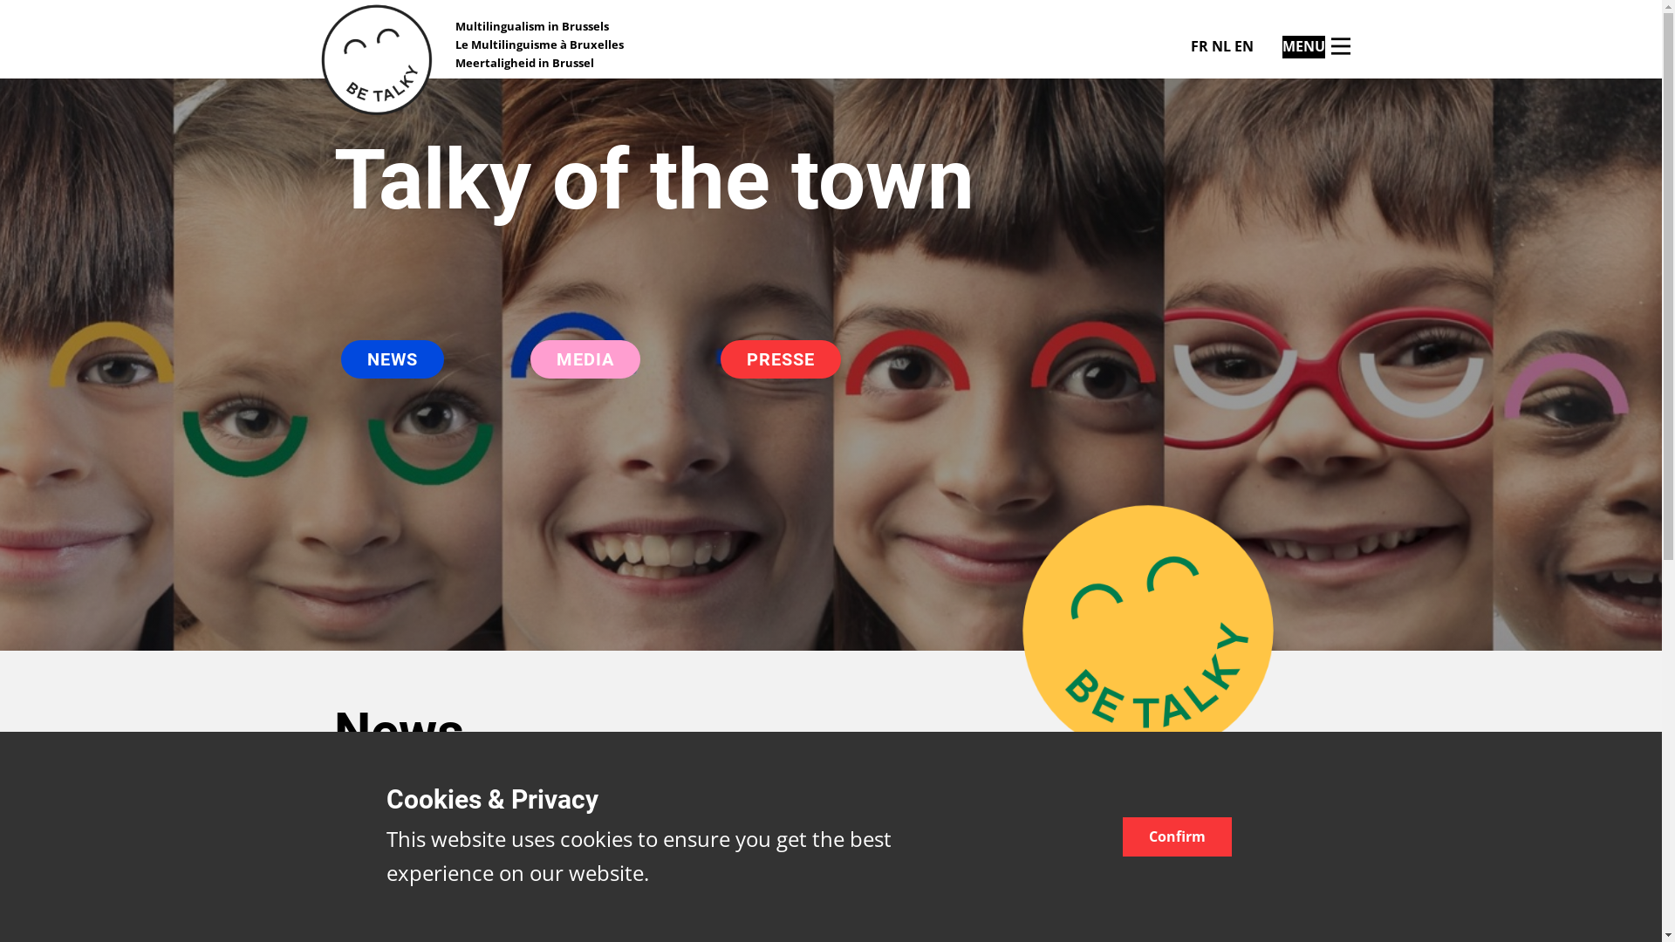  I want to click on 'FR', so click(1197, 45).